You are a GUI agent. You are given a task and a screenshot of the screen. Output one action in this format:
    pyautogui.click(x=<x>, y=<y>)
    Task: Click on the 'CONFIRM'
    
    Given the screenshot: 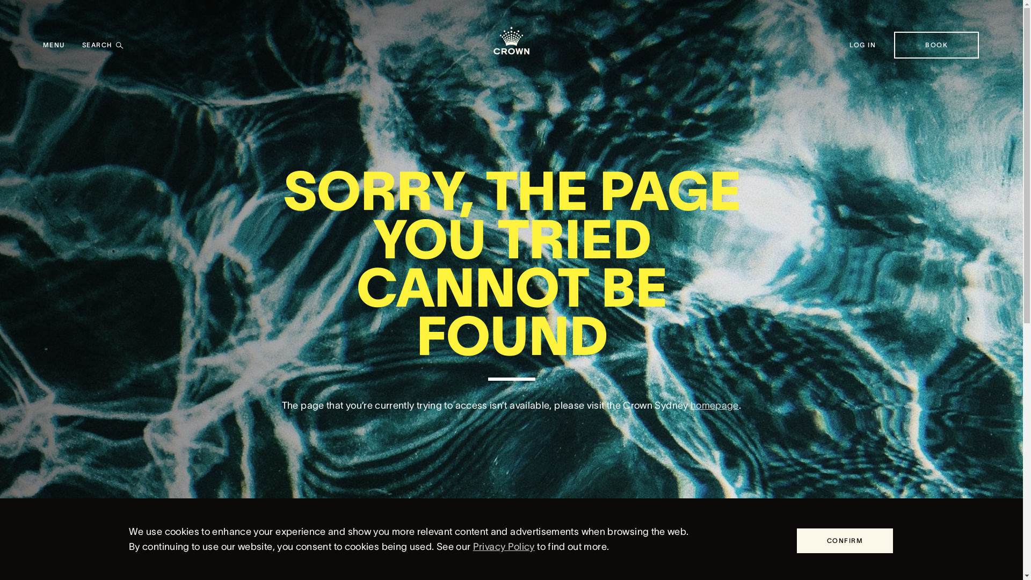 What is the action you would take?
    pyautogui.click(x=796, y=540)
    